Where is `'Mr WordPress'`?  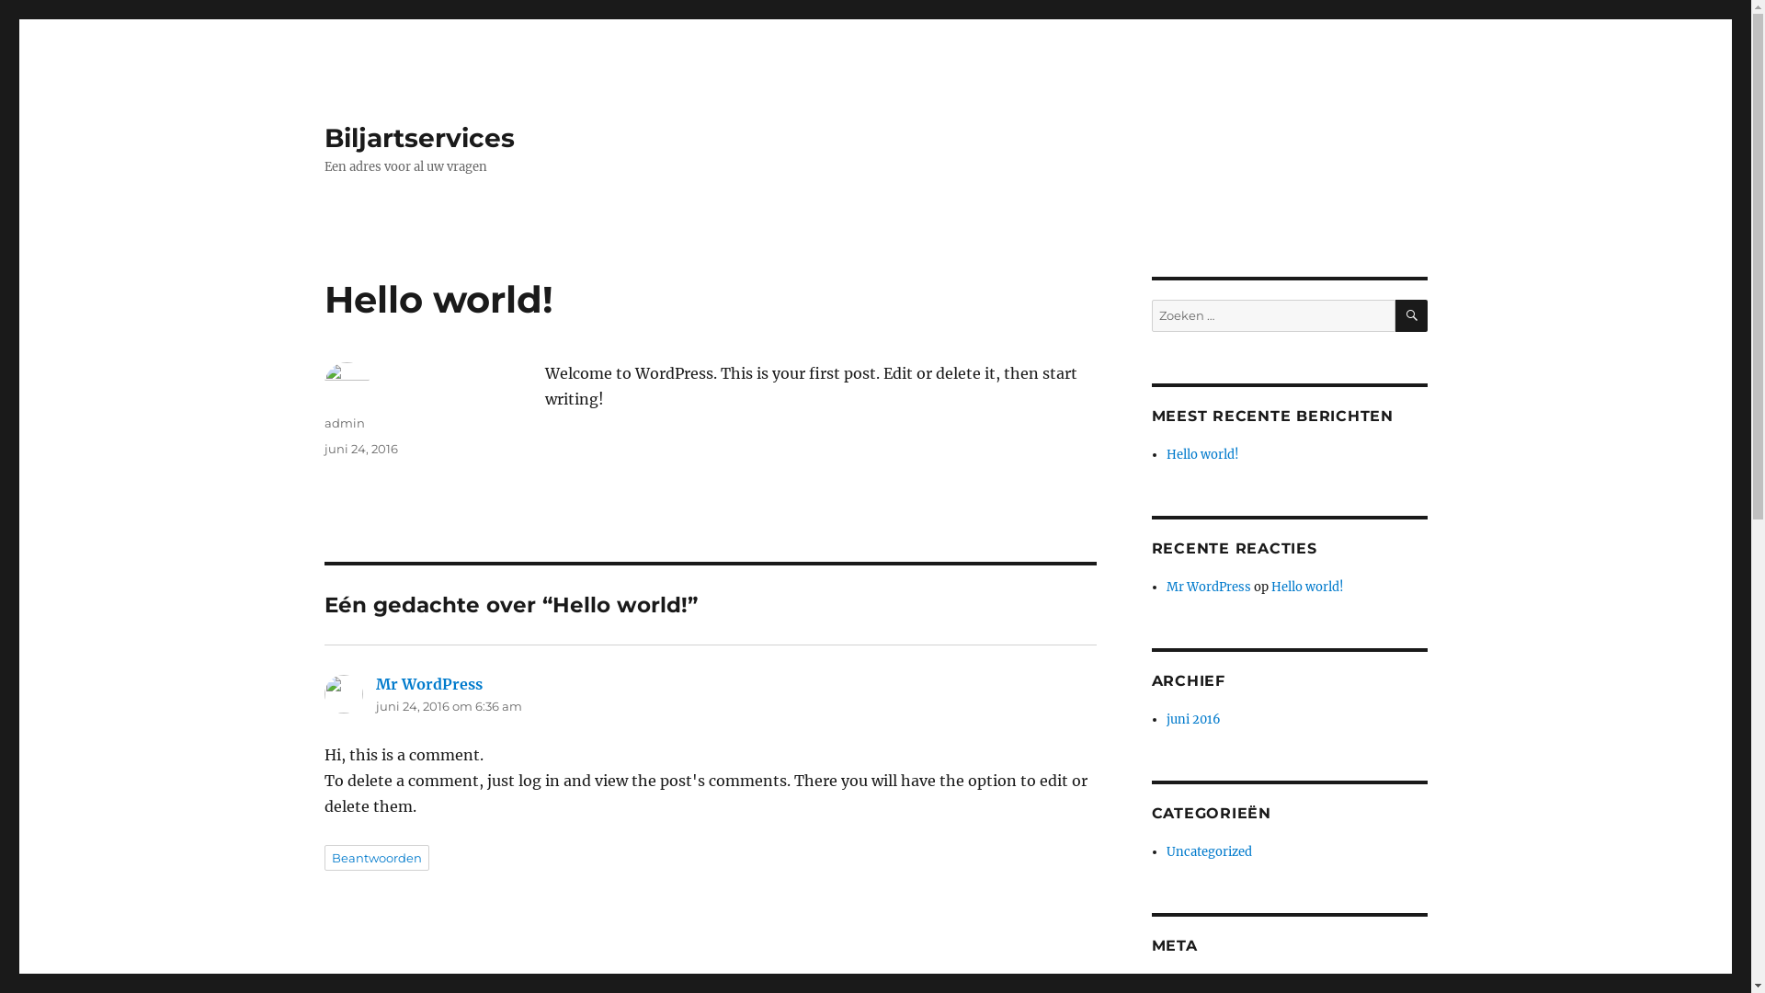 'Mr WordPress' is located at coordinates (1209, 587).